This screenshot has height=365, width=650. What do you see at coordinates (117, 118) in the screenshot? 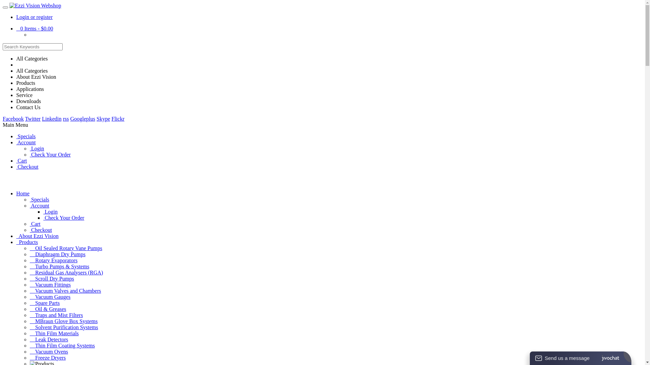
I see `'Flickr'` at bounding box center [117, 118].